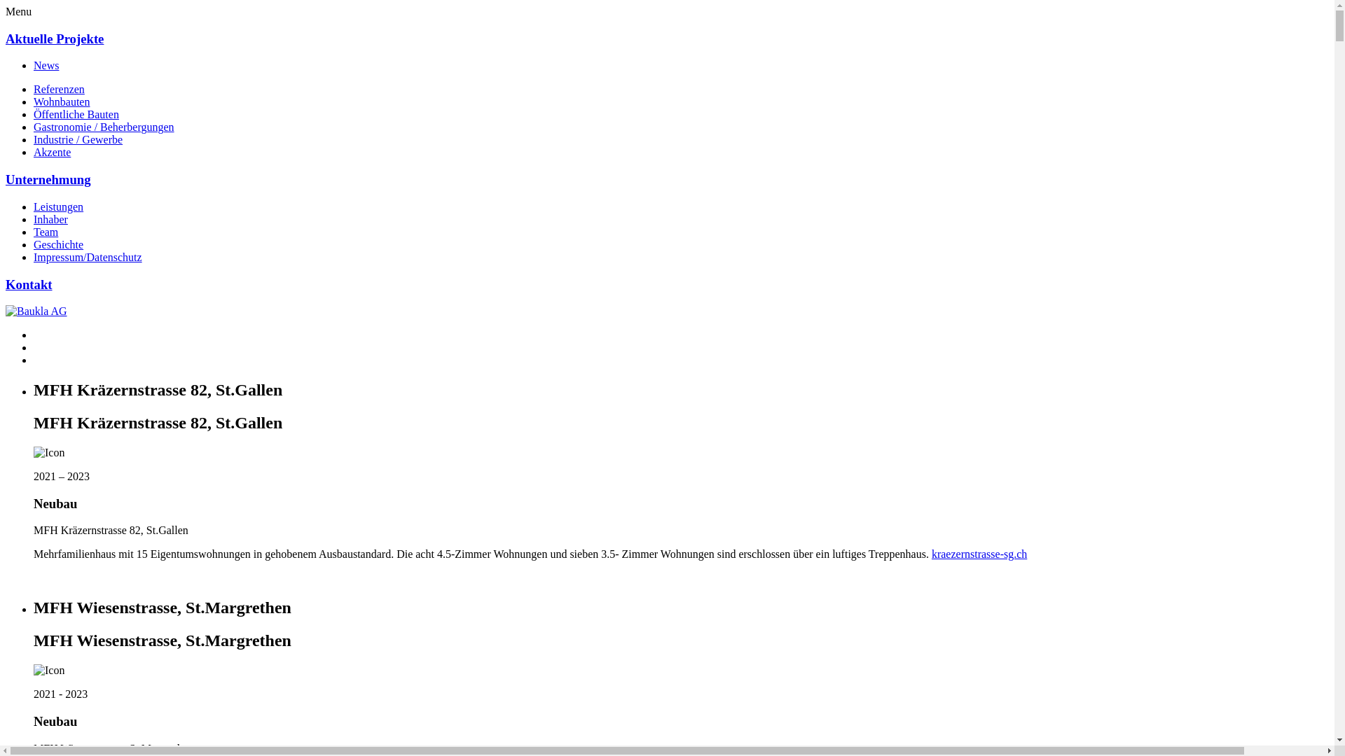 This screenshot has height=756, width=1345. What do you see at coordinates (34, 152) in the screenshot?
I see `'Akzente'` at bounding box center [34, 152].